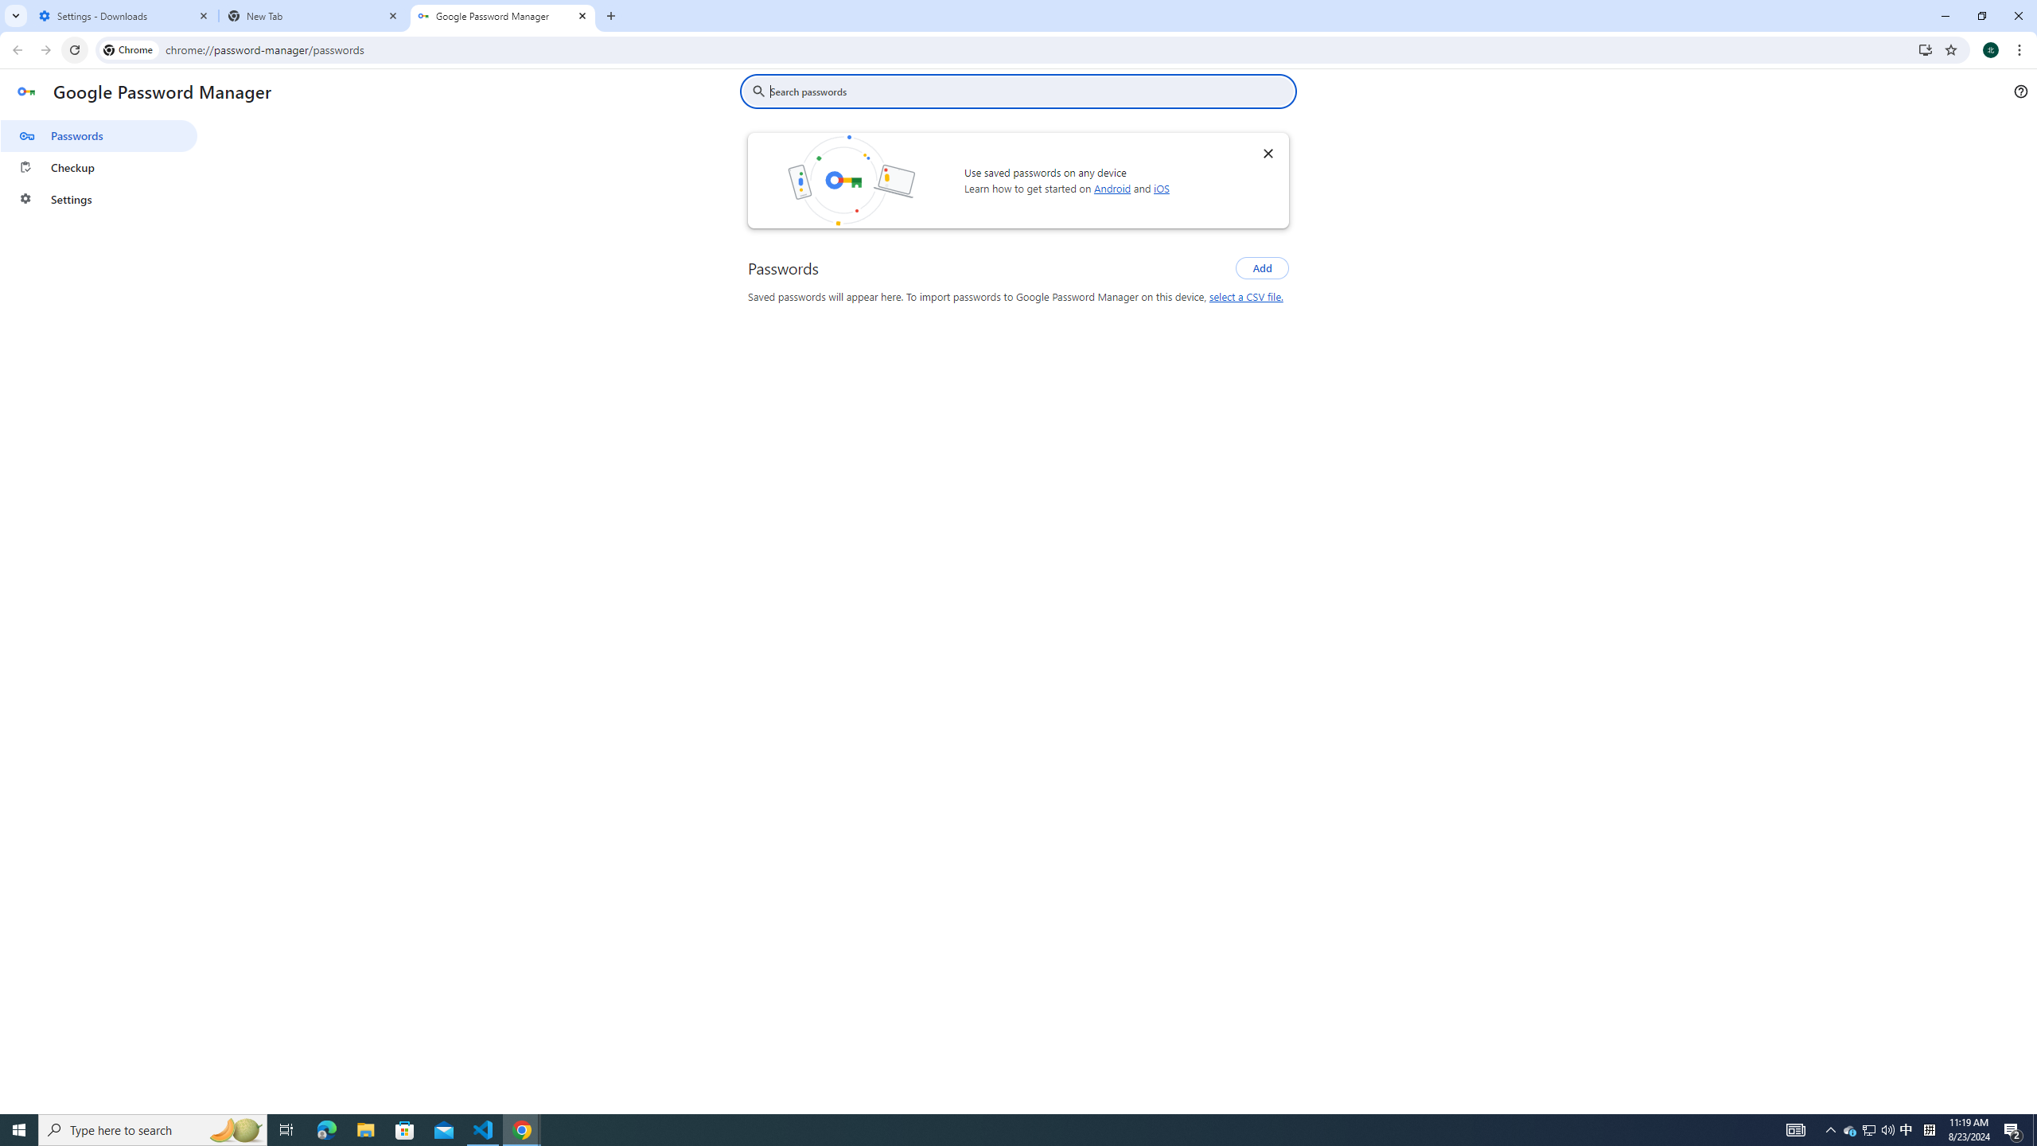 Image resolution: width=2037 pixels, height=1146 pixels. I want to click on 'iOS', so click(1161, 187).